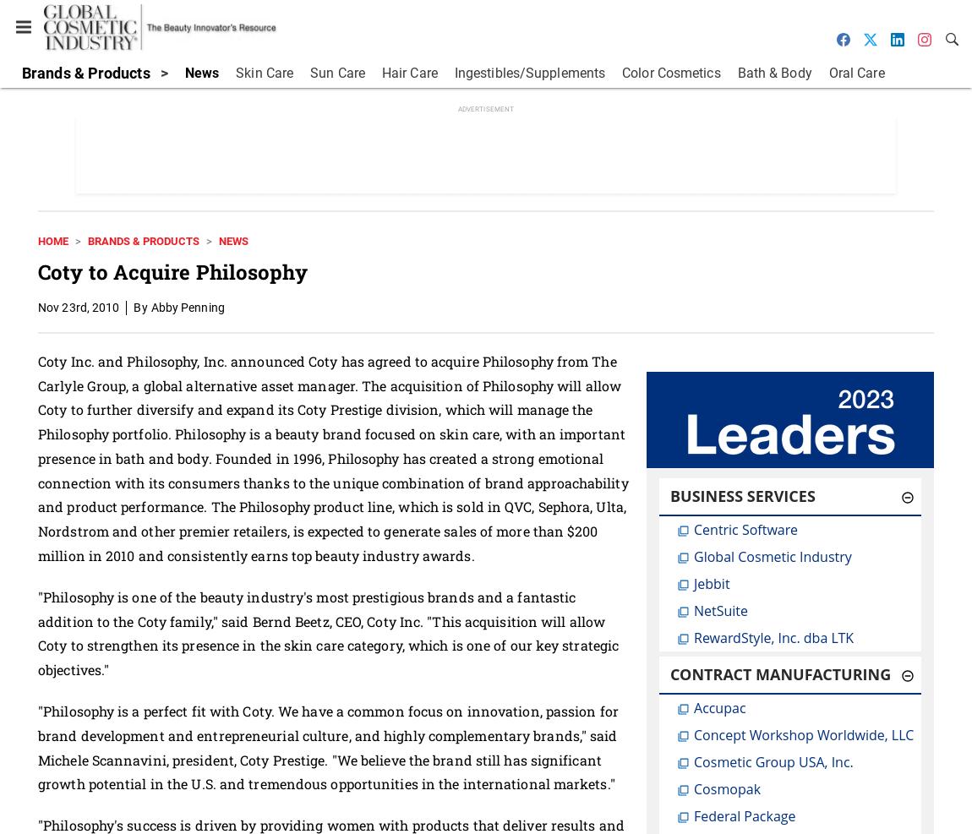  Describe the element at coordinates (265, 72) in the screenshot. I see `'Skin Care'` at that location.